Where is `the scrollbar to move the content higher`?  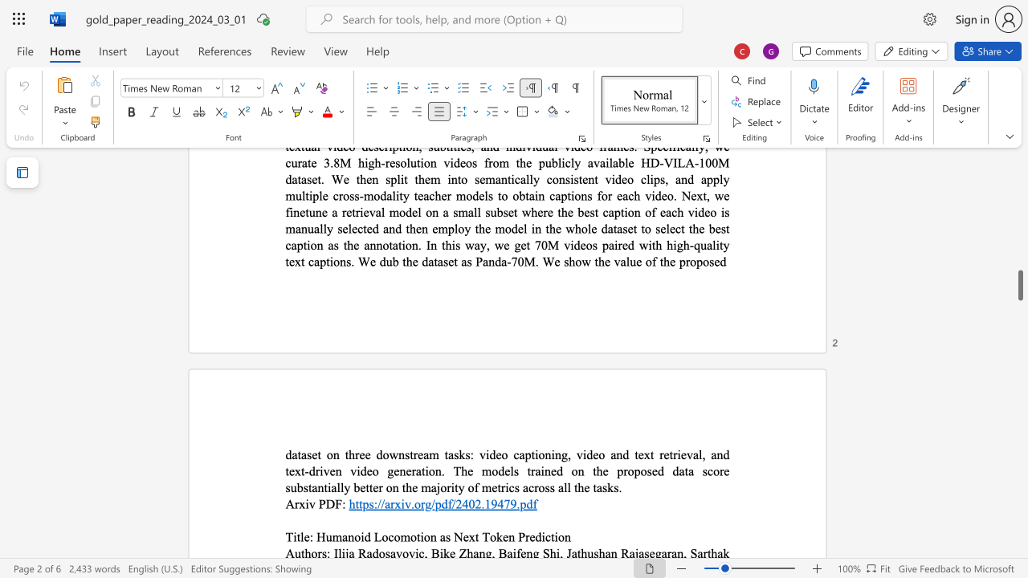 the scrollbar to move the content higher is located at coordinates (1019, 233).